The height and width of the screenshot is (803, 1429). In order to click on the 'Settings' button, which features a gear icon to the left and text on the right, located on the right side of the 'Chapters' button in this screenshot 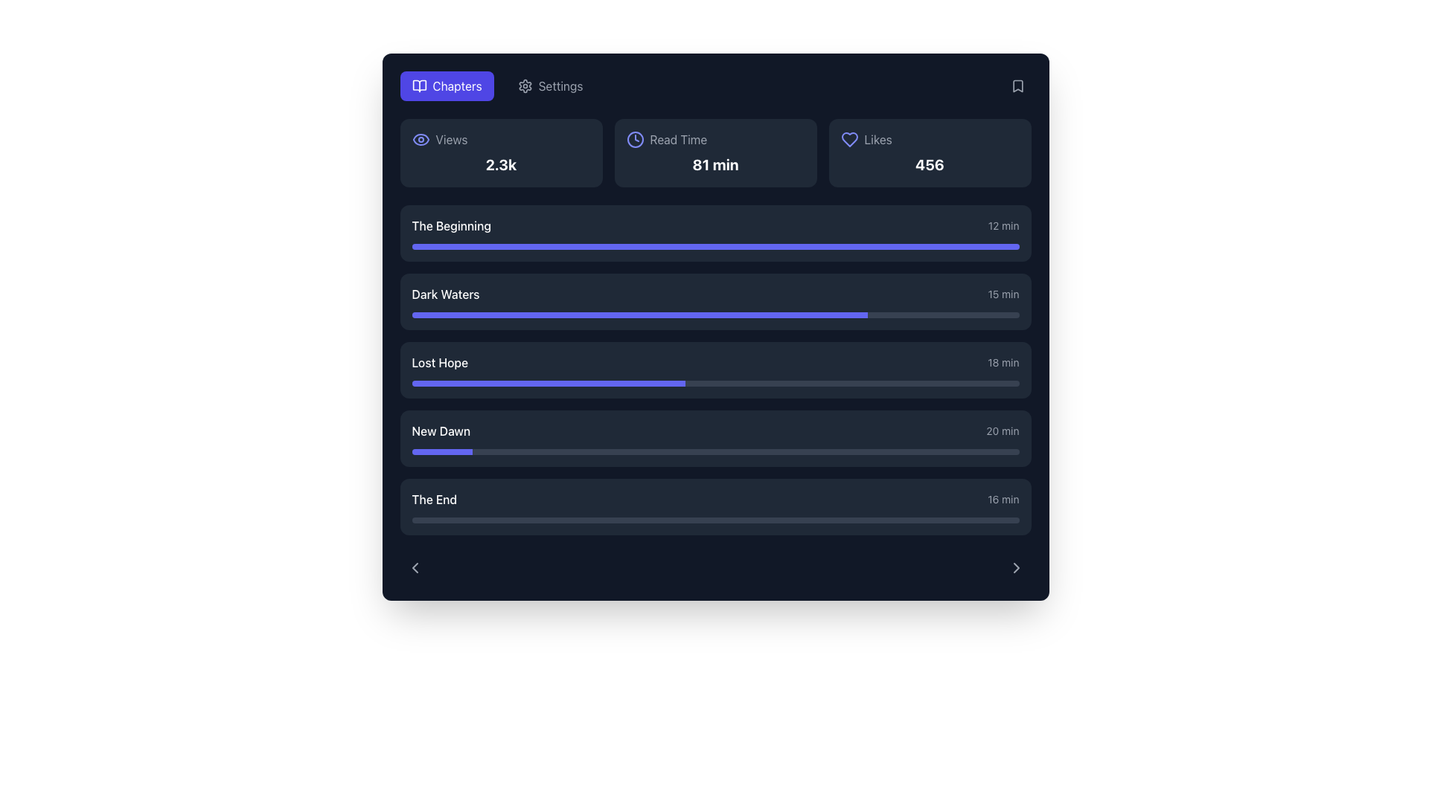, I will do `click(549, 86)`.